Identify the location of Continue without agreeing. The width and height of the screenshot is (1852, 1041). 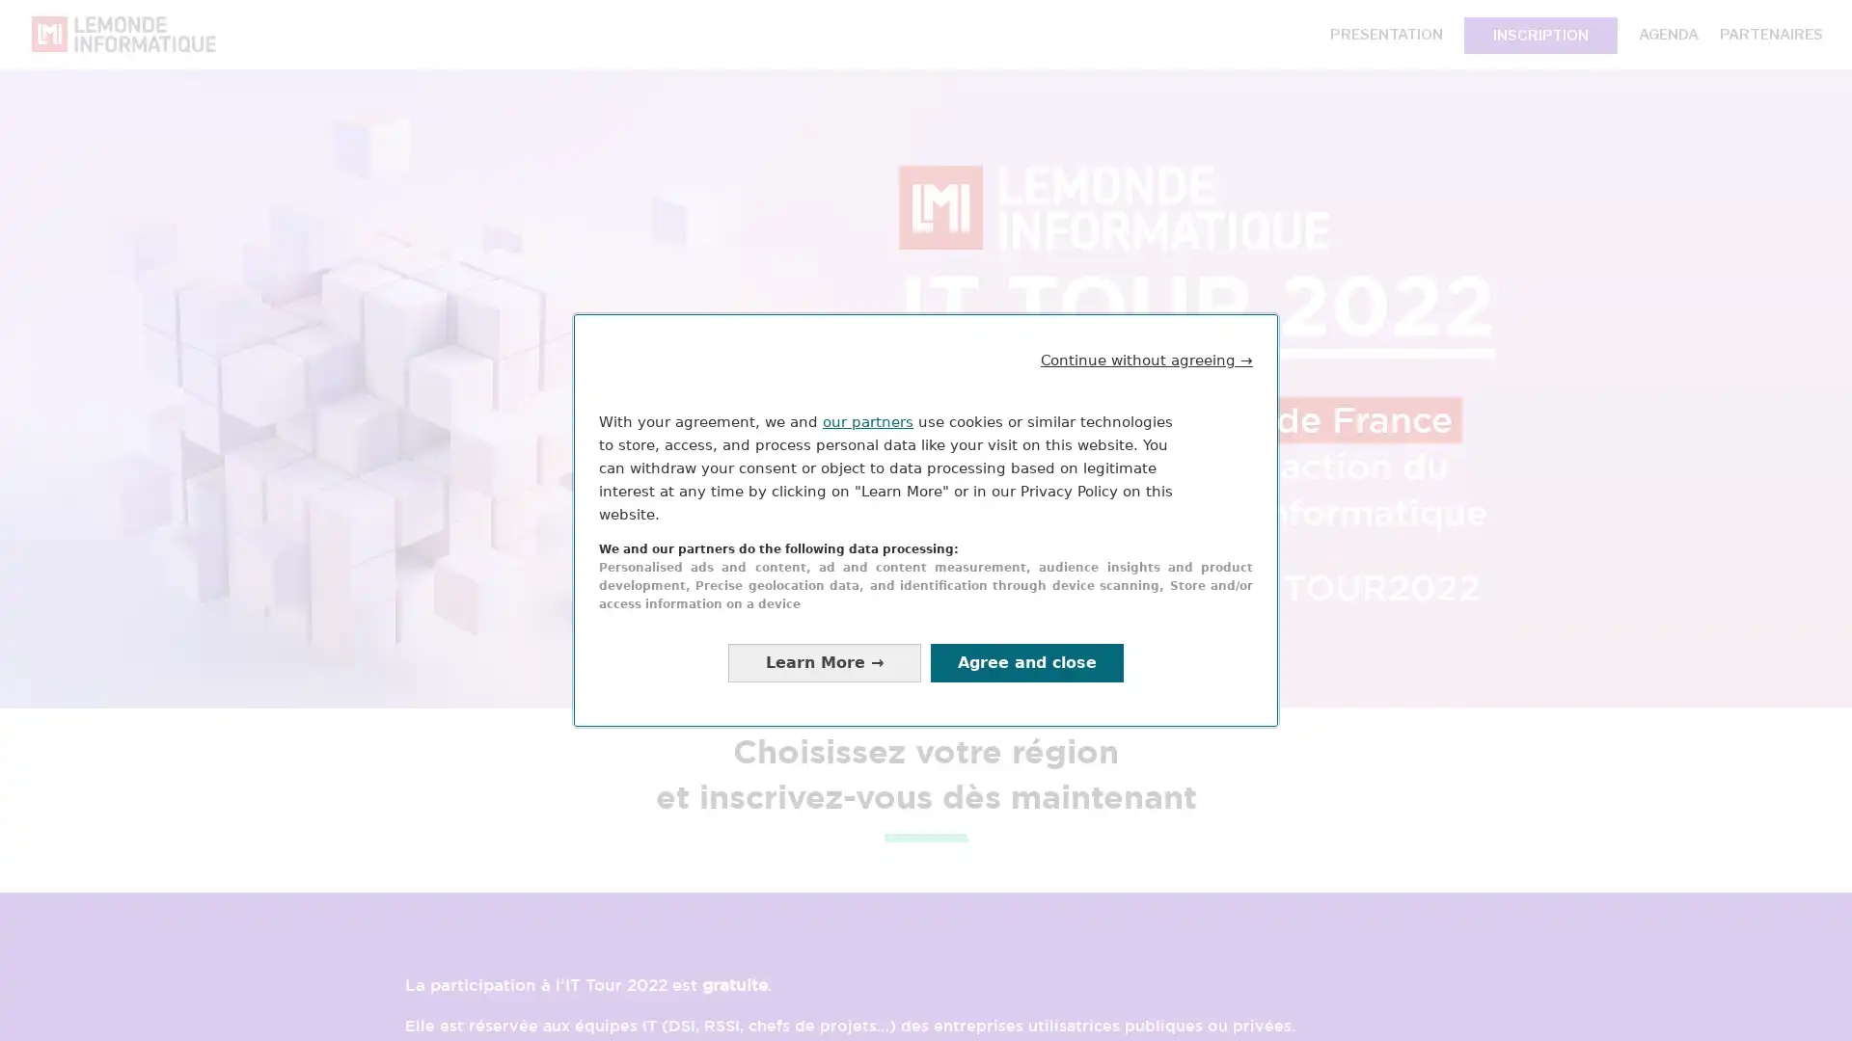
(1147, 360).